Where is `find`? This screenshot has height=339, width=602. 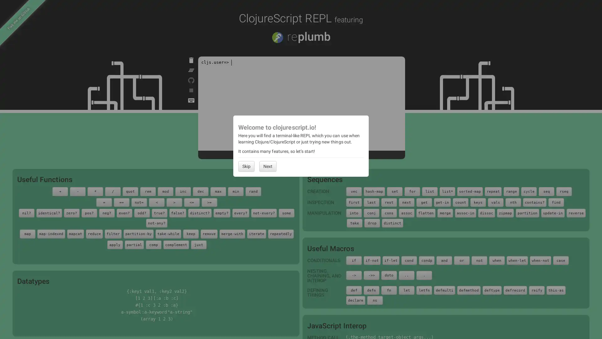
find is located at coordinates (556, 202).